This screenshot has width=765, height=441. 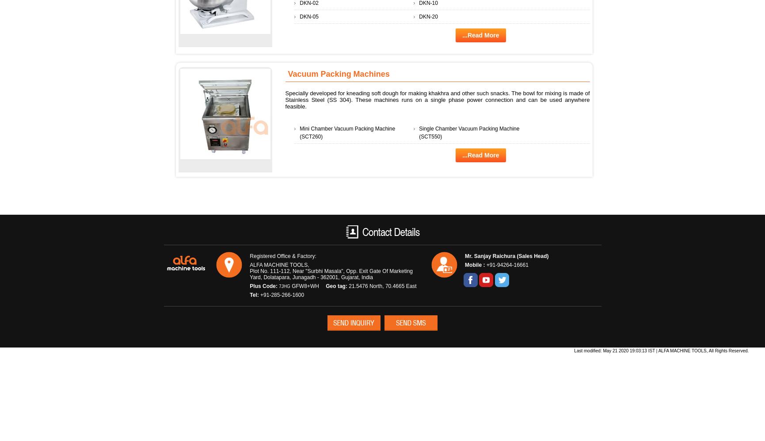 I want to click on 'Geo tag:', so click(x=336, y=286).